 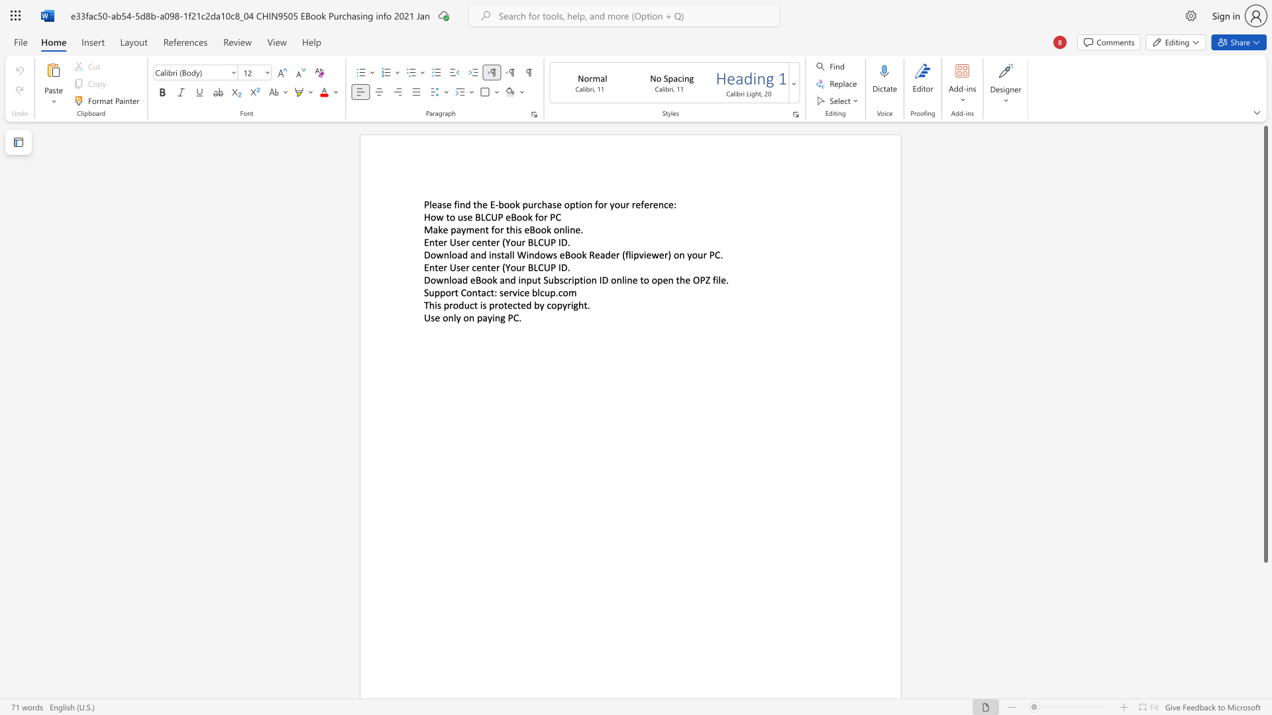 I want to click on the scrollbar on the right to shift the page lower, so click(x=1265, y=628).